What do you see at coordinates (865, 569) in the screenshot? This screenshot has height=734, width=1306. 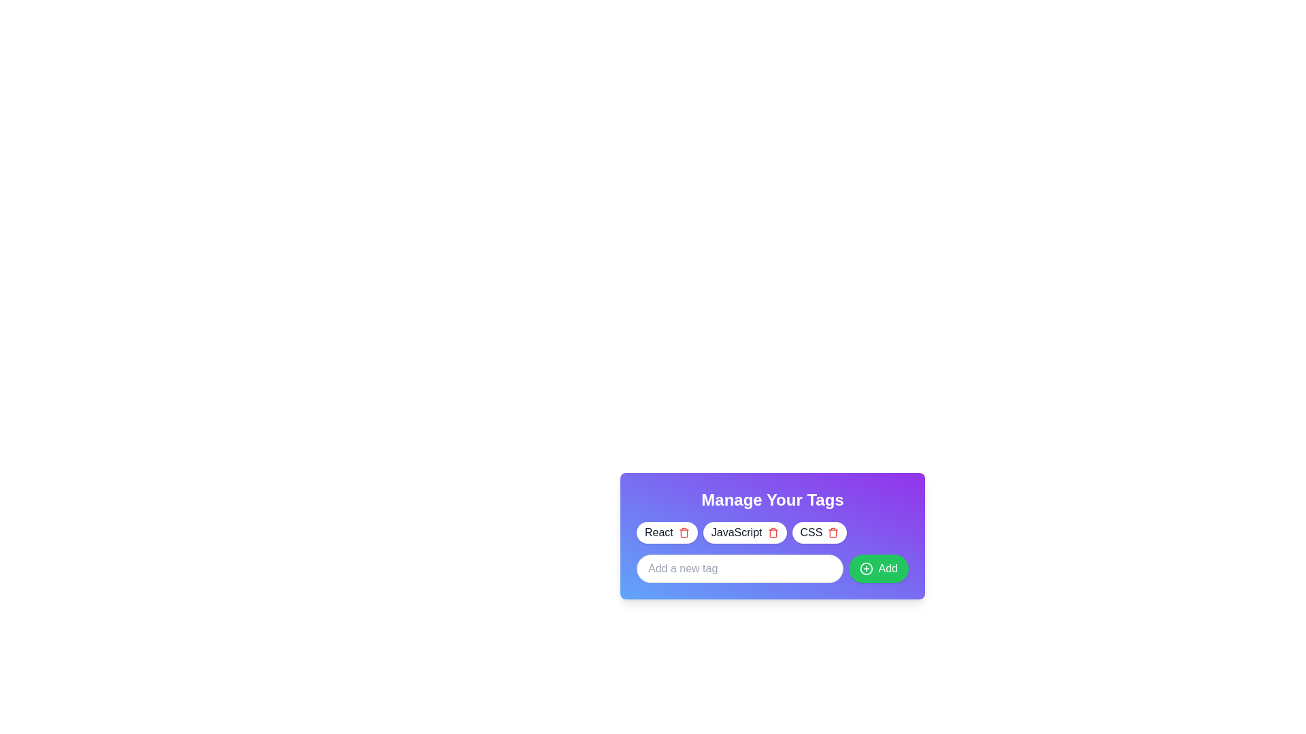 I see `the icon that represents the action for adding new items, which is located to the left of the text label 'Add' within the 'Add' button` at bounding box center [865, 569].